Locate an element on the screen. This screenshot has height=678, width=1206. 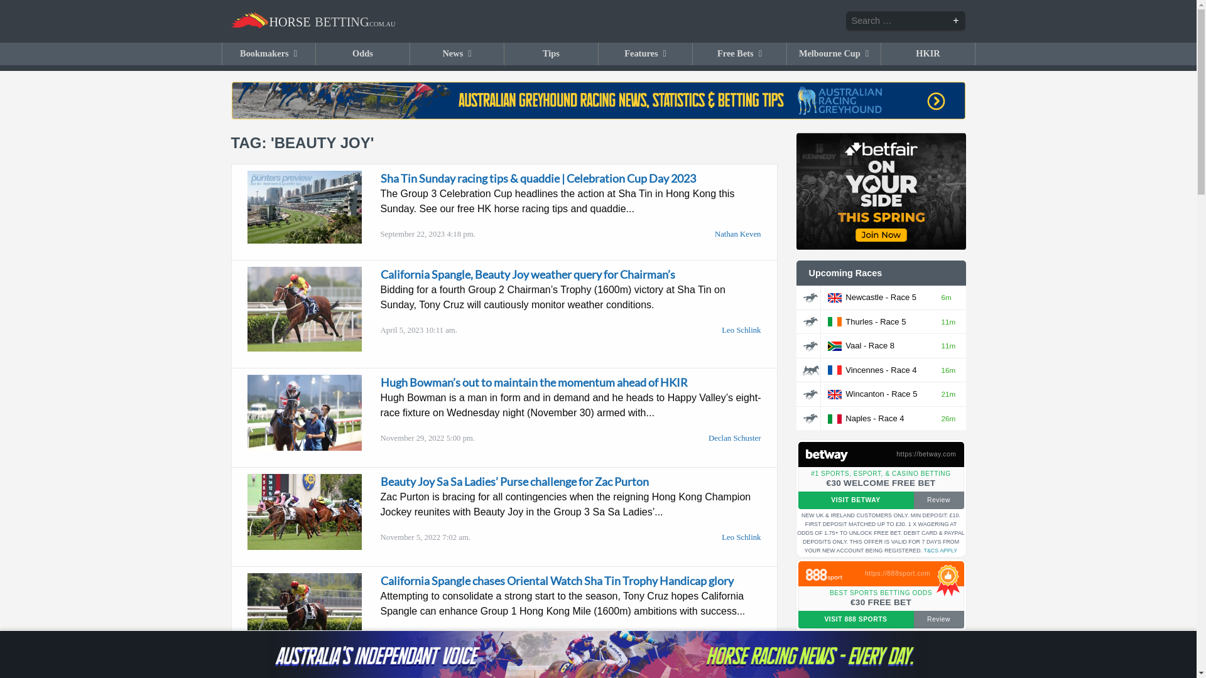
'News' is located at coordinates (410, 53).